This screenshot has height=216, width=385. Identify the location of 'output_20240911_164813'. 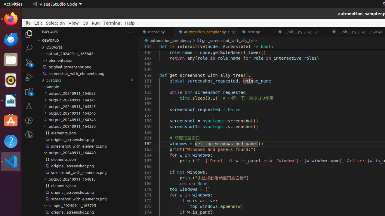
(87, 179).